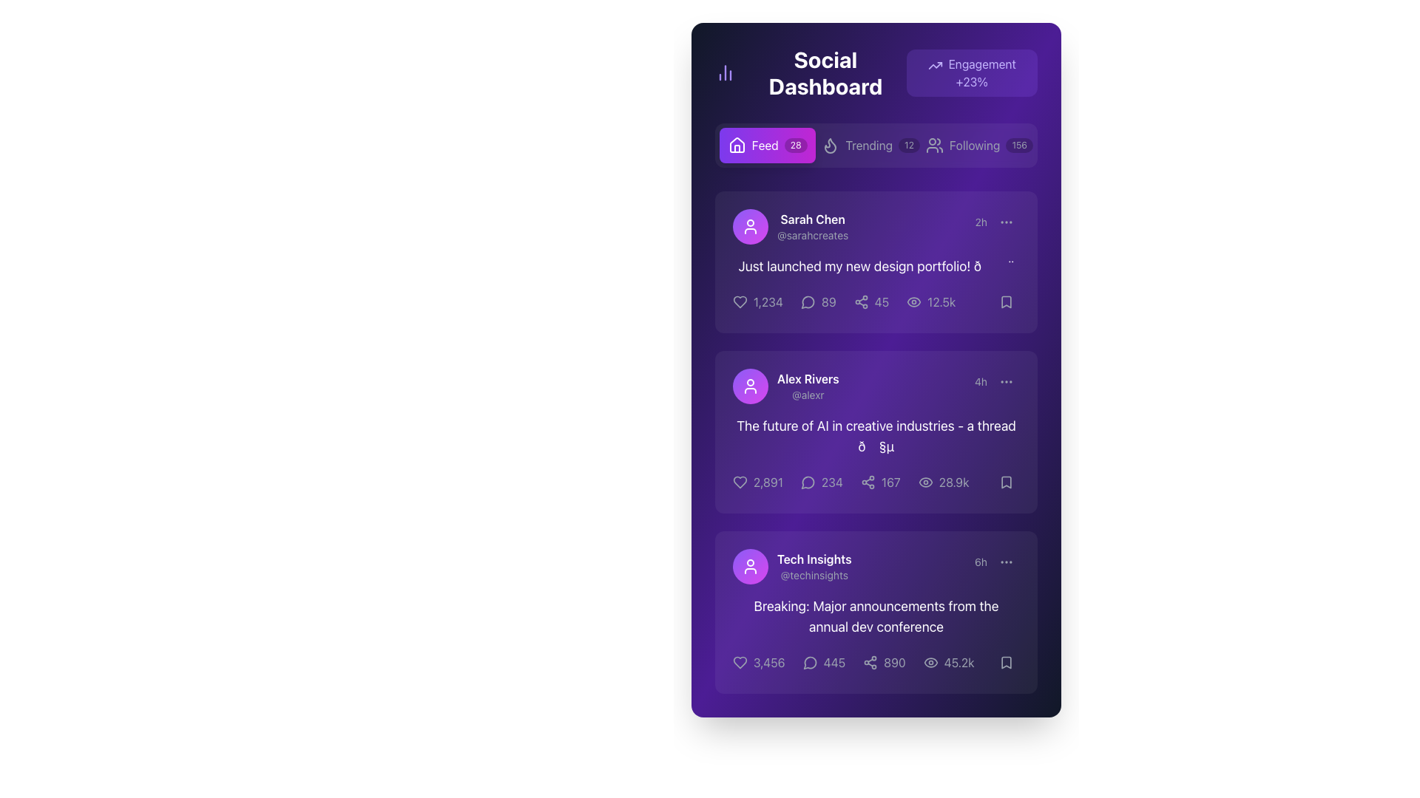 The height and width of the screenshot is (798, 1420). I want to click on the share icon button, which is a small triangular network glyph located in the action bar below the user post, specifically the third icon from the left, beside the text displaying '45', so click(861, 301).